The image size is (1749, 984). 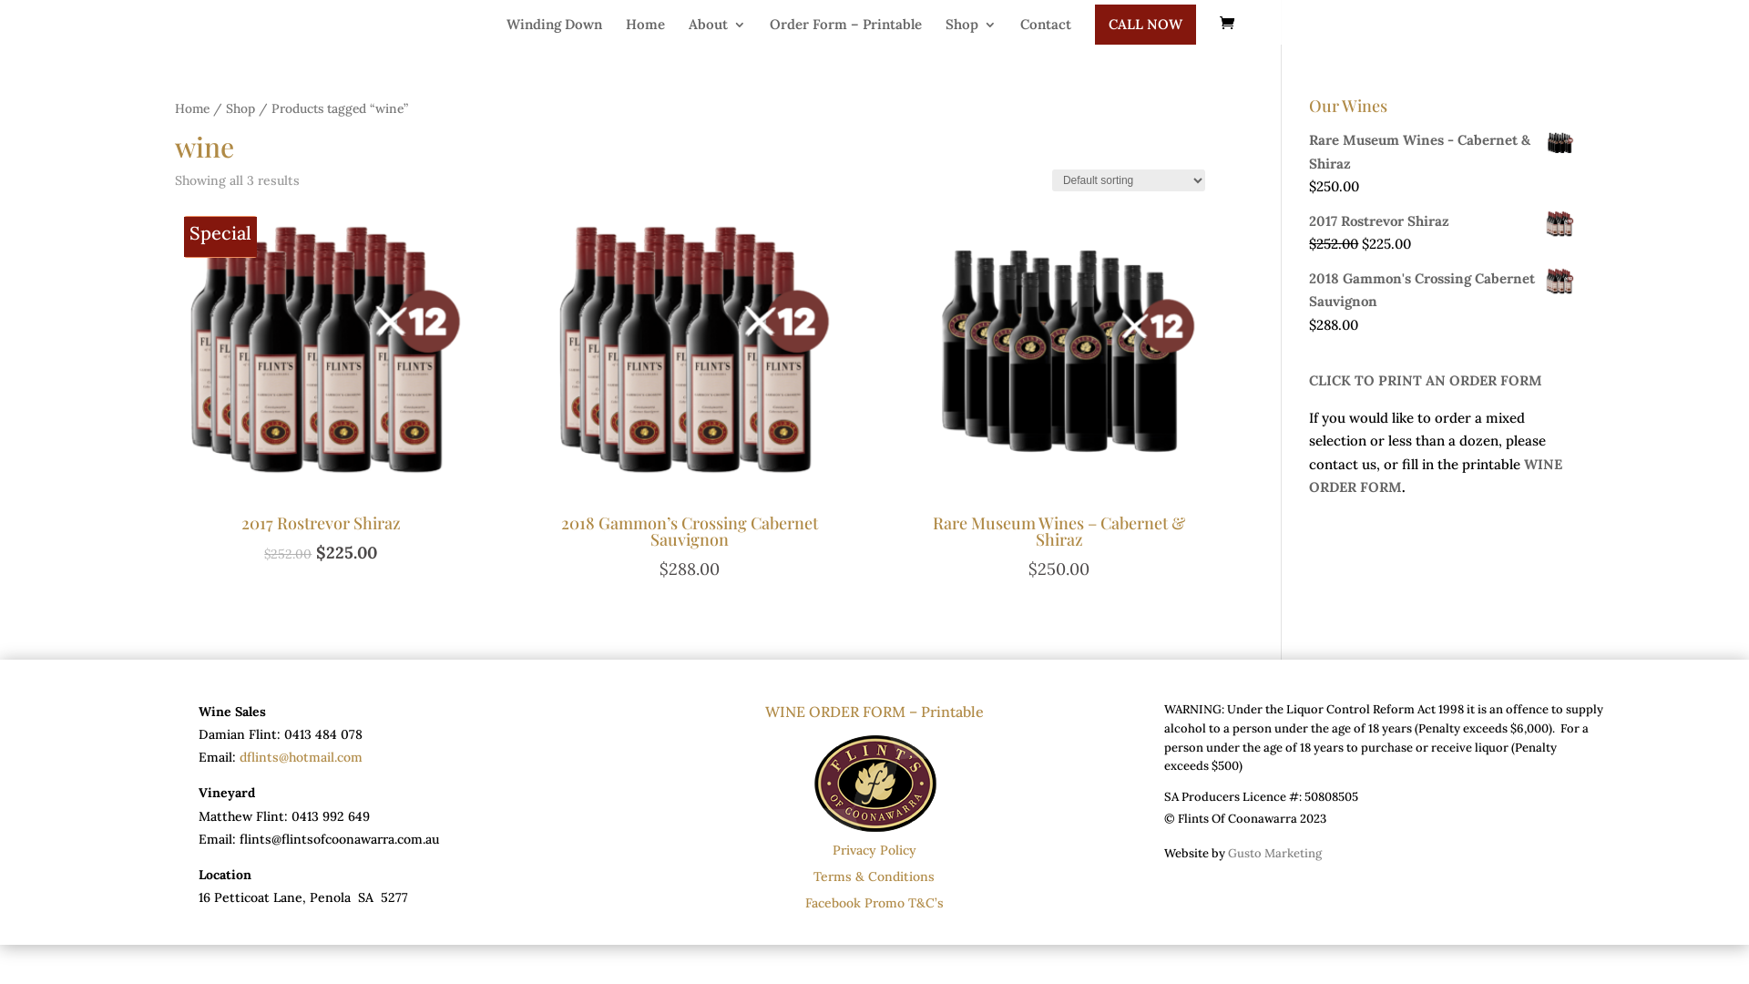 I want to click on 'CLICK TO PRINT AN ORDER FORM', so click(x=1424, y=379).